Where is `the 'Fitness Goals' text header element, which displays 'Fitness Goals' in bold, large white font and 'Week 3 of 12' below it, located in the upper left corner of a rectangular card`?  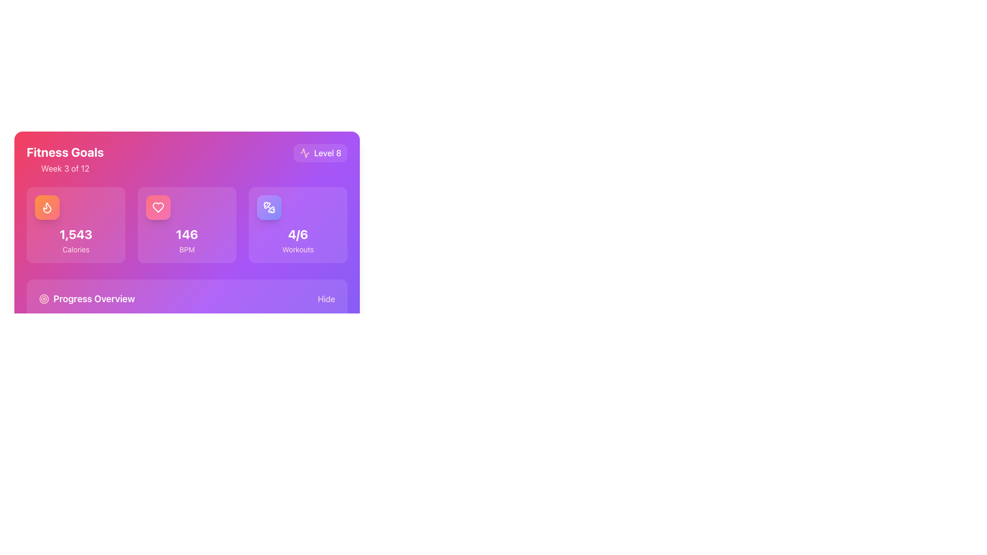
the 'Fitness Goals' text header element, which displays 'Fitness Goals' in bold, large white font and 'Week 3 of 12' below it, located in the upper left corner of a rectangular card is located at coordinates (65, 159).